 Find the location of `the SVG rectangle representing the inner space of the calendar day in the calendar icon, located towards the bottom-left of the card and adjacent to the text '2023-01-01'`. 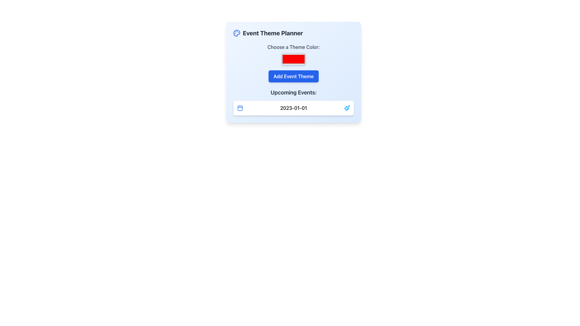

the SVG rectangle representing the inner space of the calendar day in the calendar icon, located towards the bottom-left of the card and adjacent to the text '2023-01-01' is located at coordinates (240, 108).